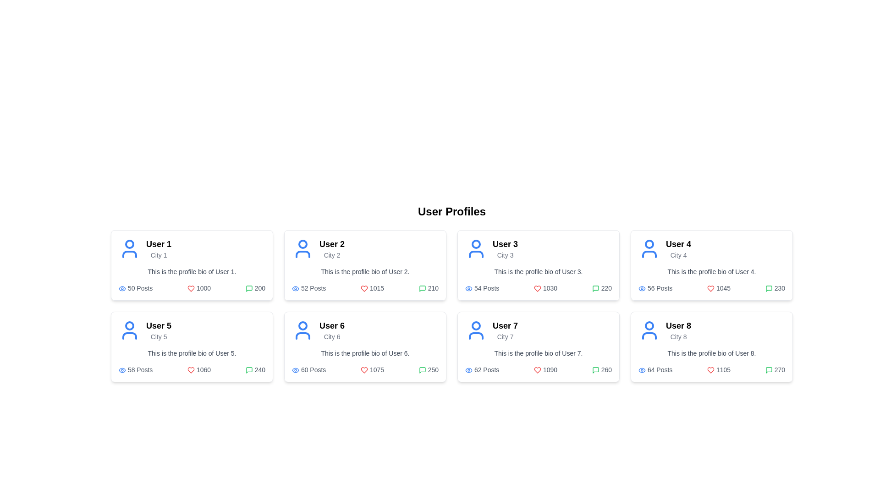  I want to click on the blue eye icon located within the 'User 5' card, adjacent to the text '58 Posts', so click(122, 369).